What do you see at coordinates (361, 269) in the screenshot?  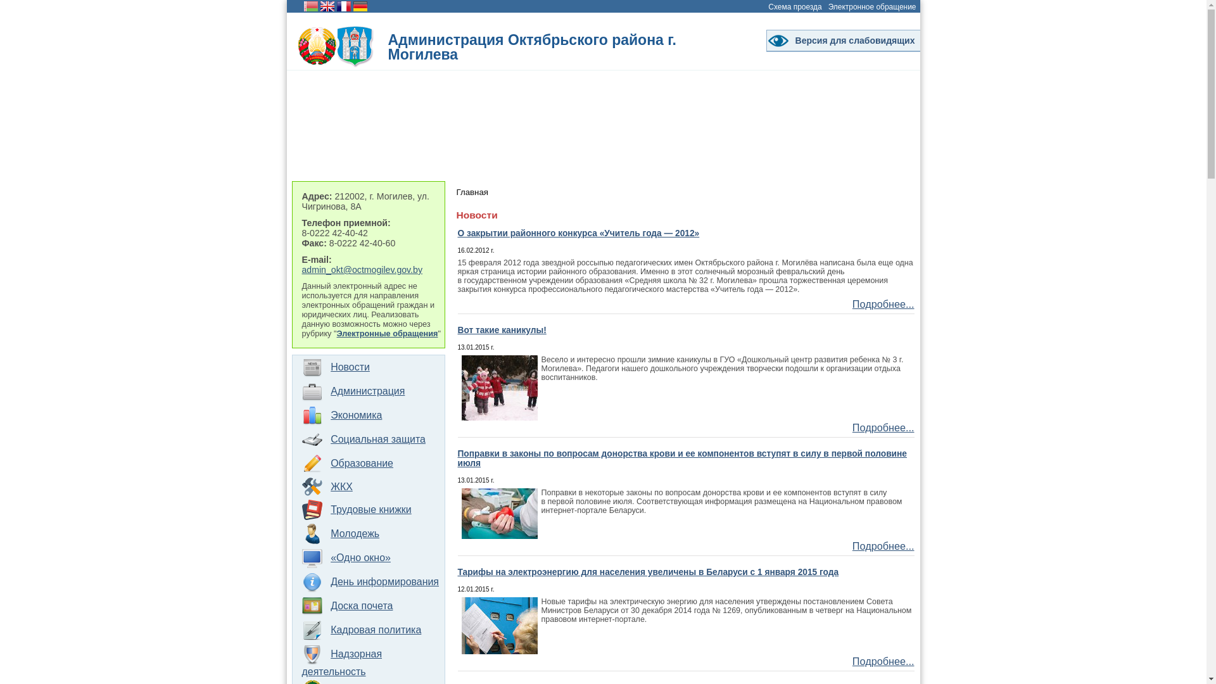 I see `'admin_okt@octmogilev.gov.by'` at bounding box center [361, 269].